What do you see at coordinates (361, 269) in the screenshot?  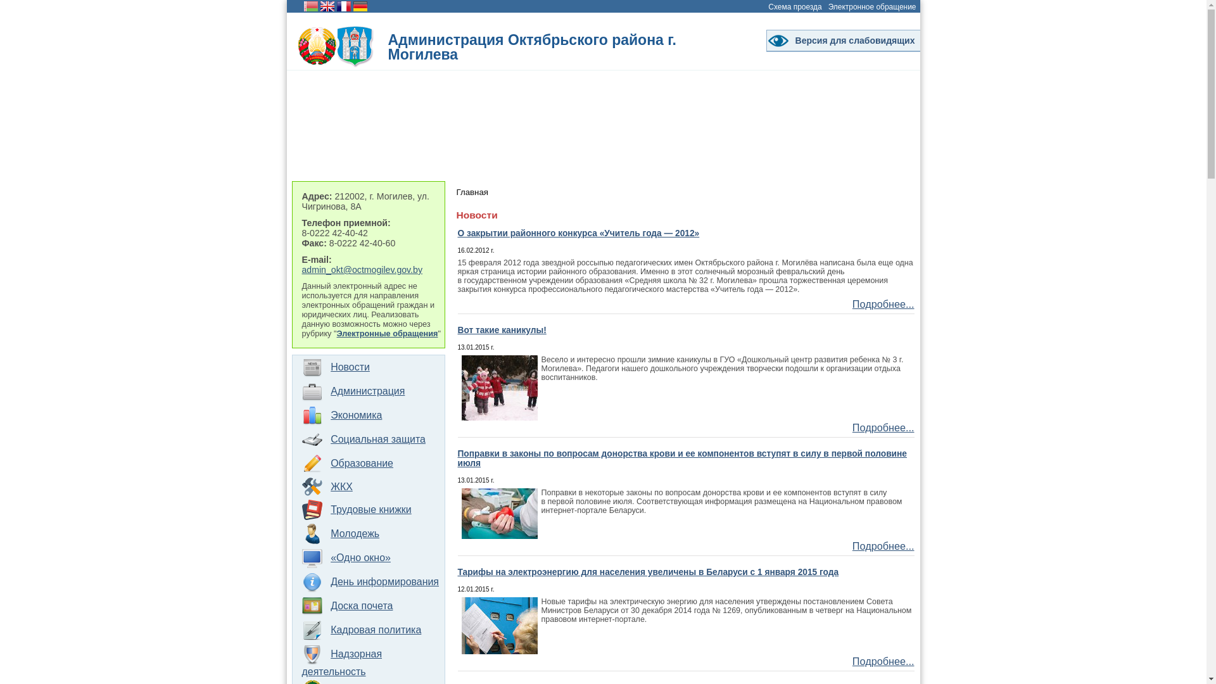 I see `'admin_okt@octmogilev.gov.by'` at bounding box center [361, 269].